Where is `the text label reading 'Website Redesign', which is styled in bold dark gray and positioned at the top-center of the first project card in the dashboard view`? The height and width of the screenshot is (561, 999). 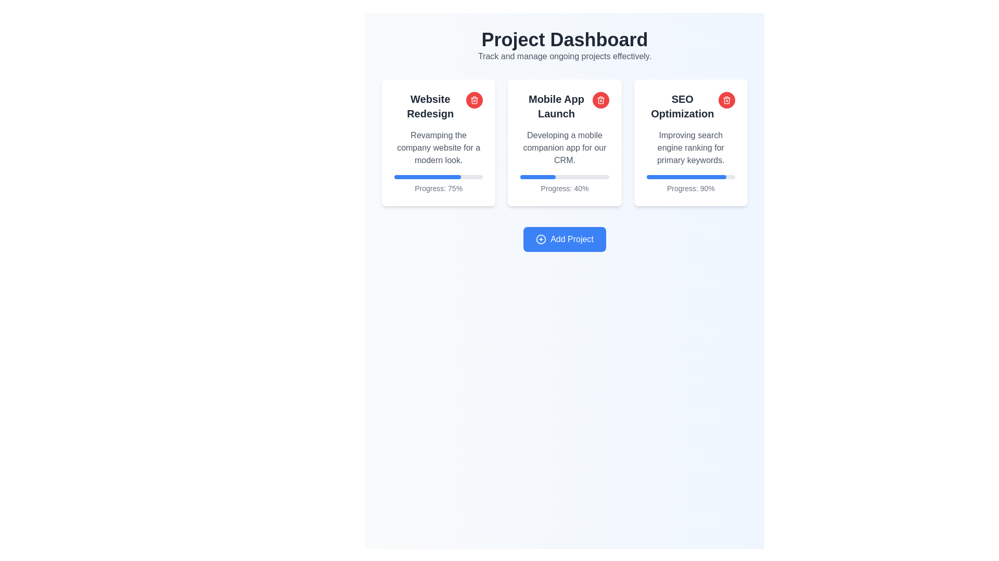
the text label reading 'Website Redesign', which is styled in bold dark gray and positioned at the top-center of the first project card in the dashboard view is located at coordinates (430, 106).